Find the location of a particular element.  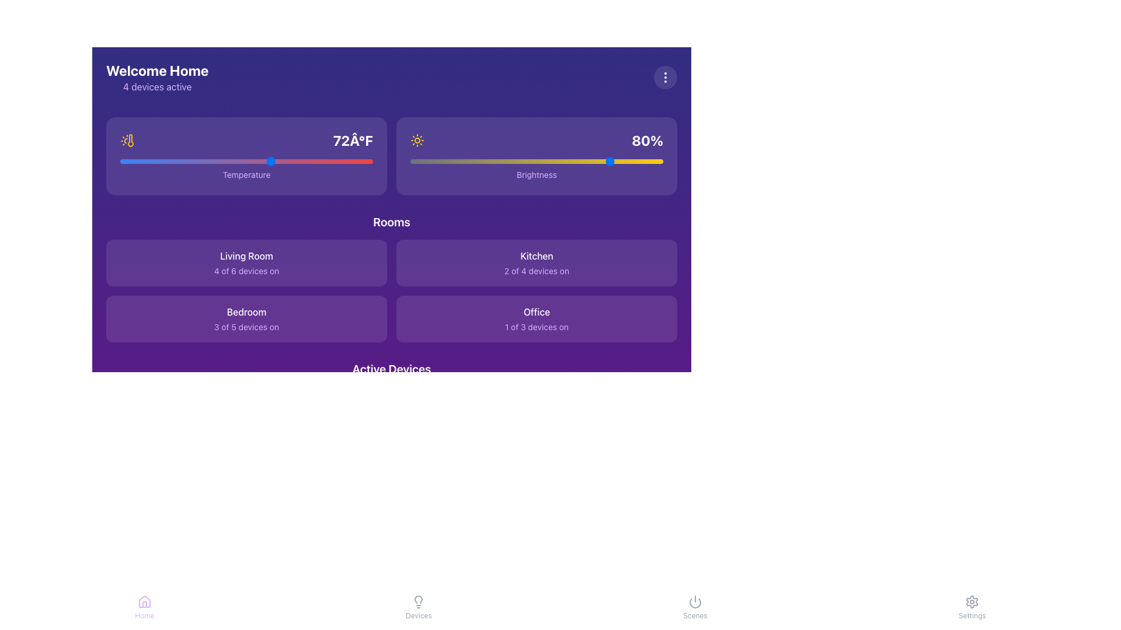

the 'Kitchen' text label, which identifies the room in the home automation interface located in the top-right card of the 'Rooms' section is located at coordinates (536, 256).